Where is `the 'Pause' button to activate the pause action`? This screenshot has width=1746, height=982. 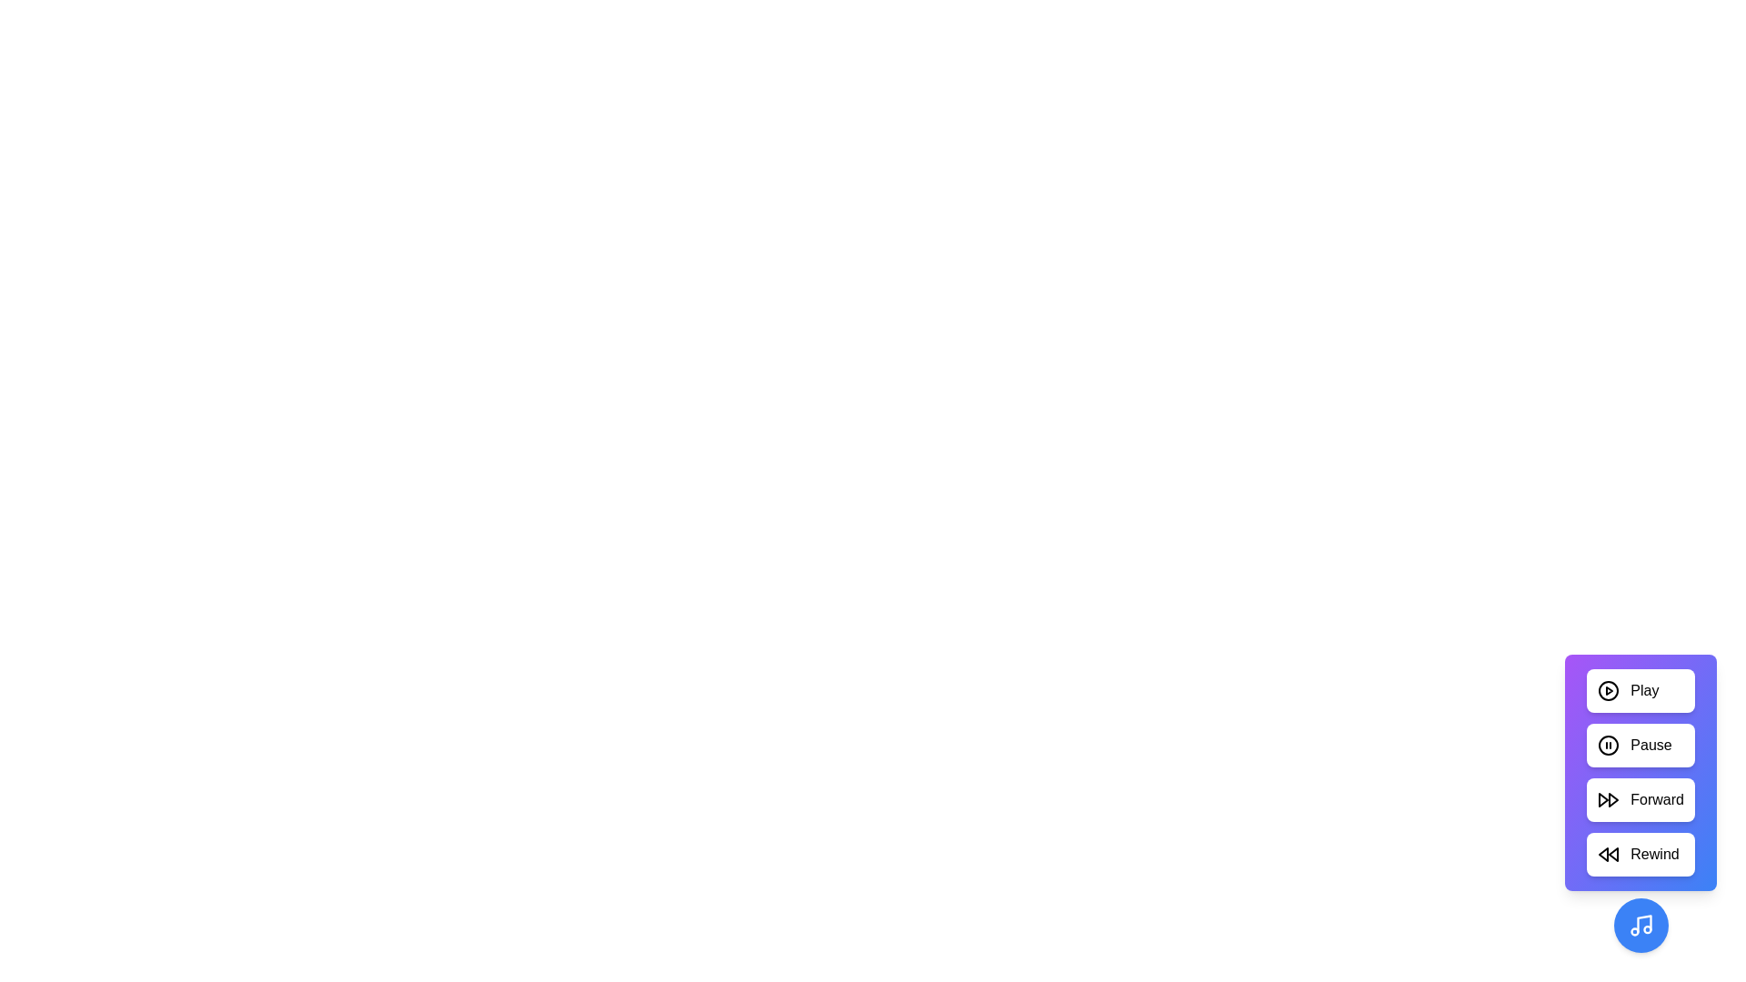
the 'Pause' button to activate the pause action is located at coordinates (1641, 746).